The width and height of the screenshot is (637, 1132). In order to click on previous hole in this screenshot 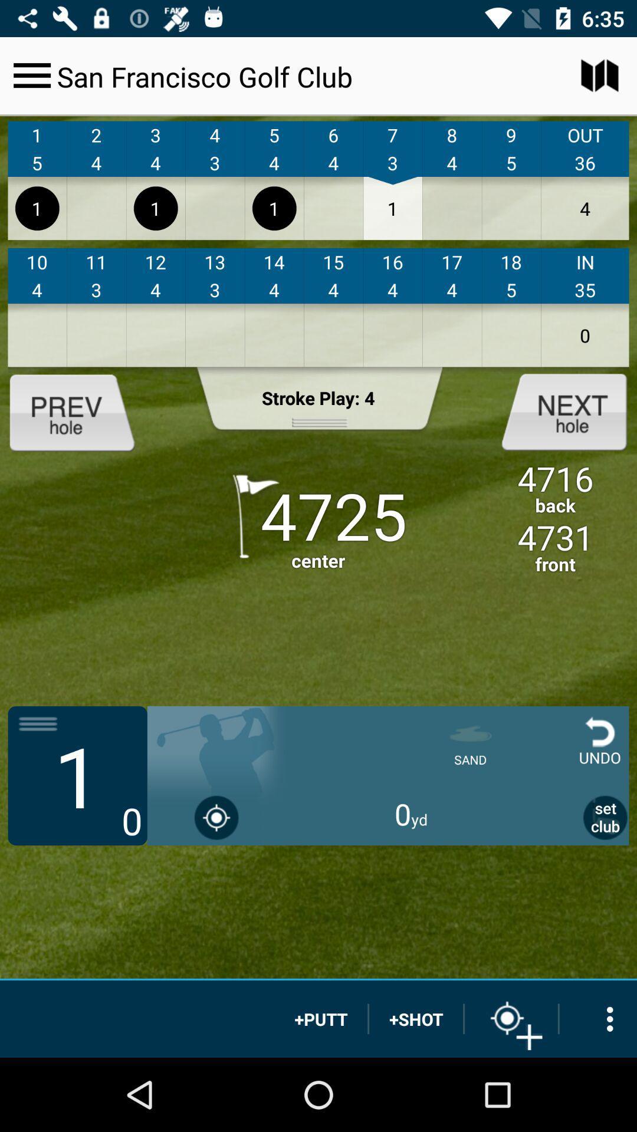, I will do `click(81, 411)`.